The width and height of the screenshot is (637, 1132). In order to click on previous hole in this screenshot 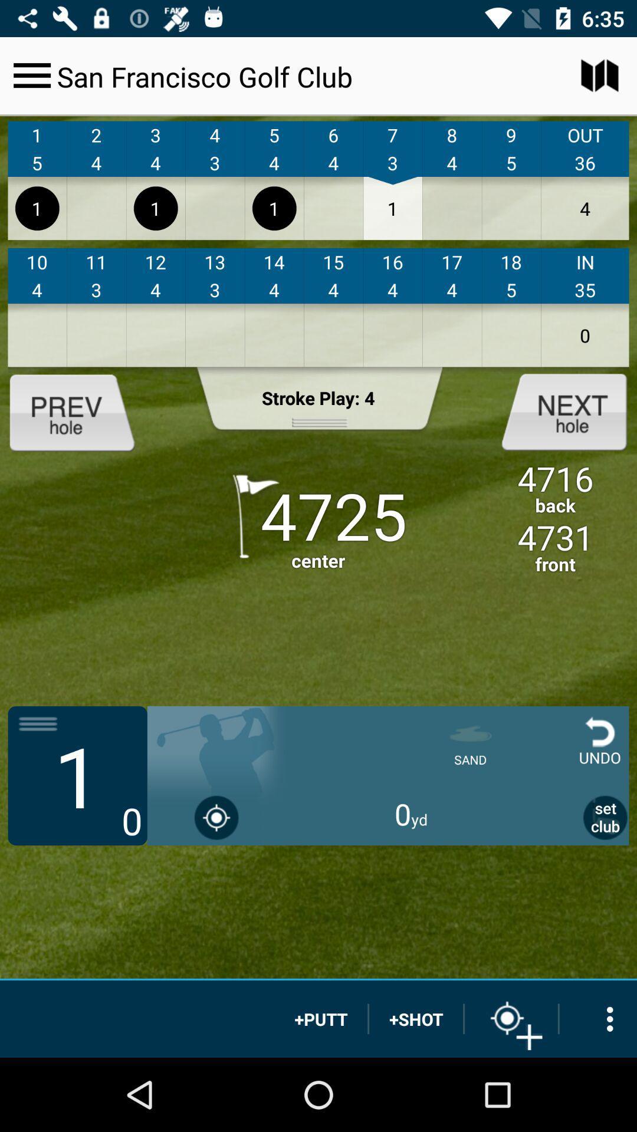, I will do `click(81, 411)`.